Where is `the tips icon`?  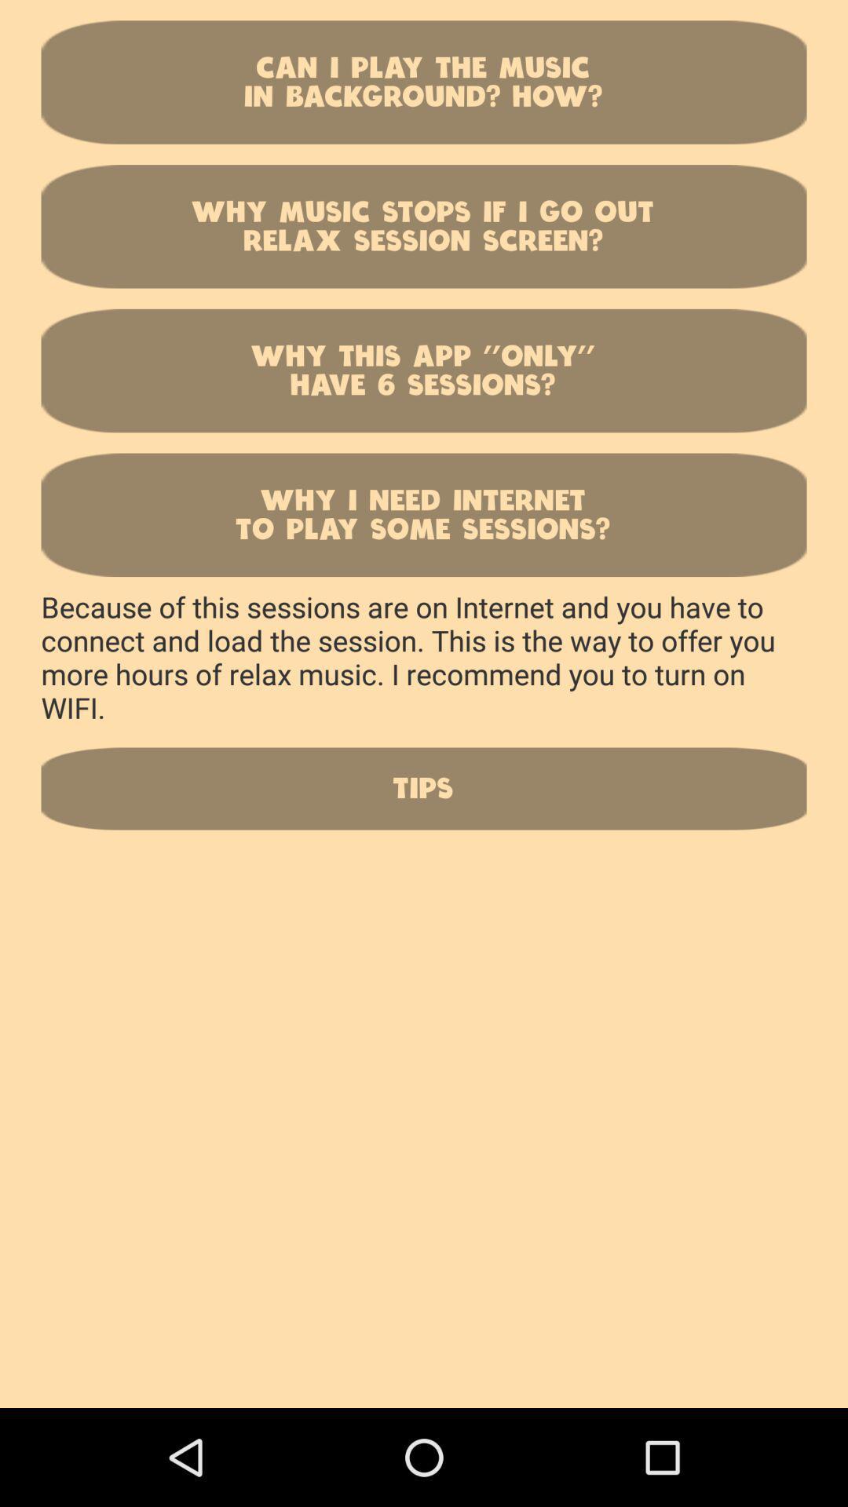
the tips icon is located at coordinates (424, 788).